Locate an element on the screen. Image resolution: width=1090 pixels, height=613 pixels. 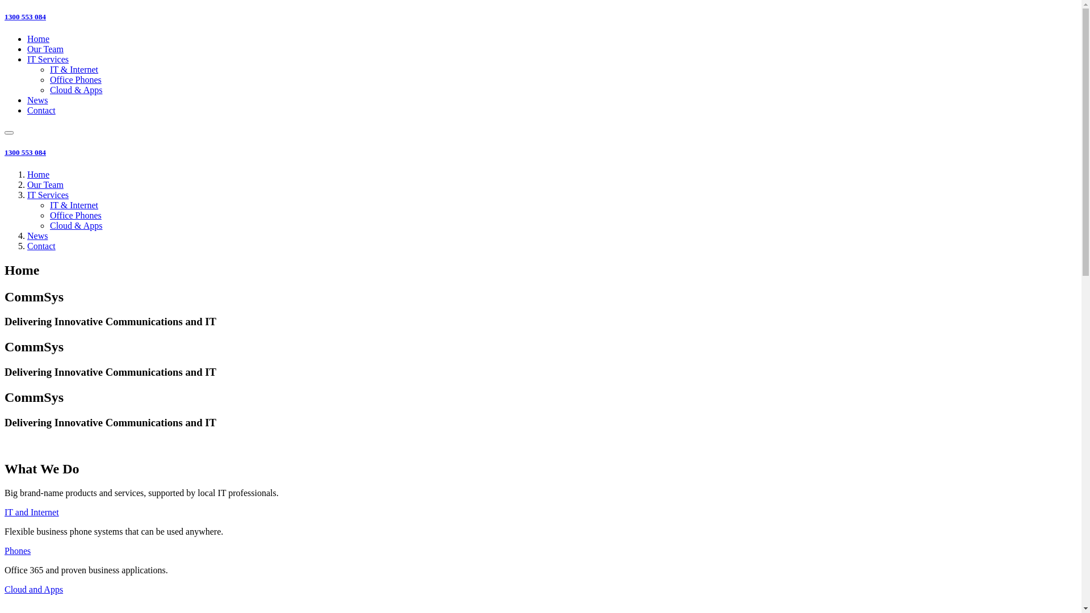
'Our Team' is located at coordinates (45, 184).